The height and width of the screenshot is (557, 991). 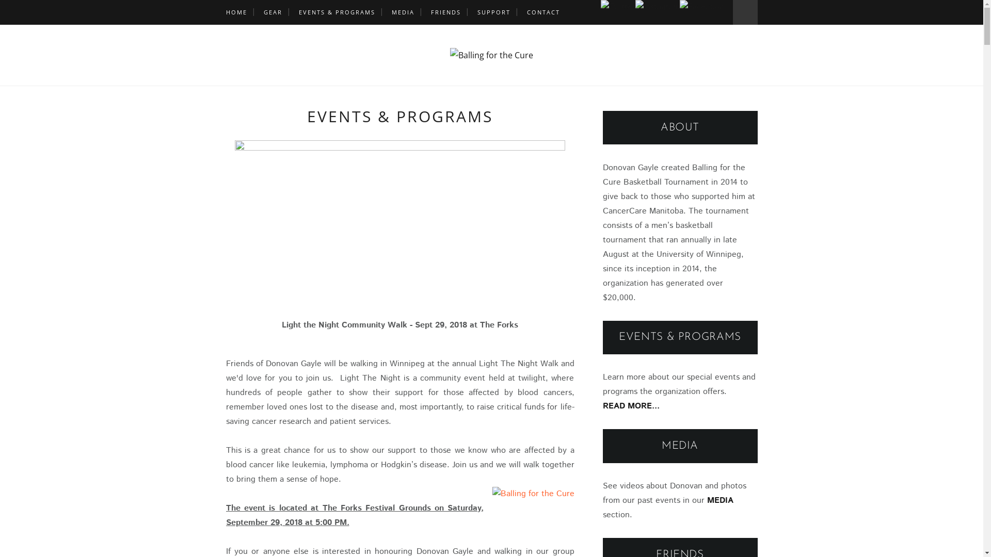 I want to click on 'GEAR', so click(x=273, y=12).